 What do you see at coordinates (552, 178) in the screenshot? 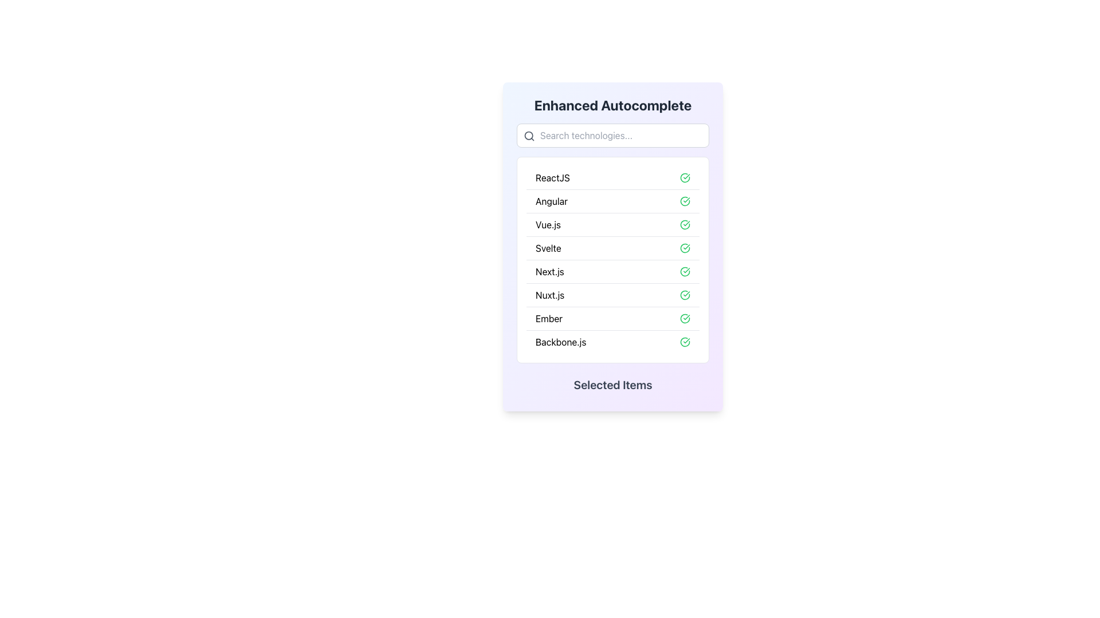
I see `the selectable list item label for 'ReactJS'` at bounding box center [552, 178].